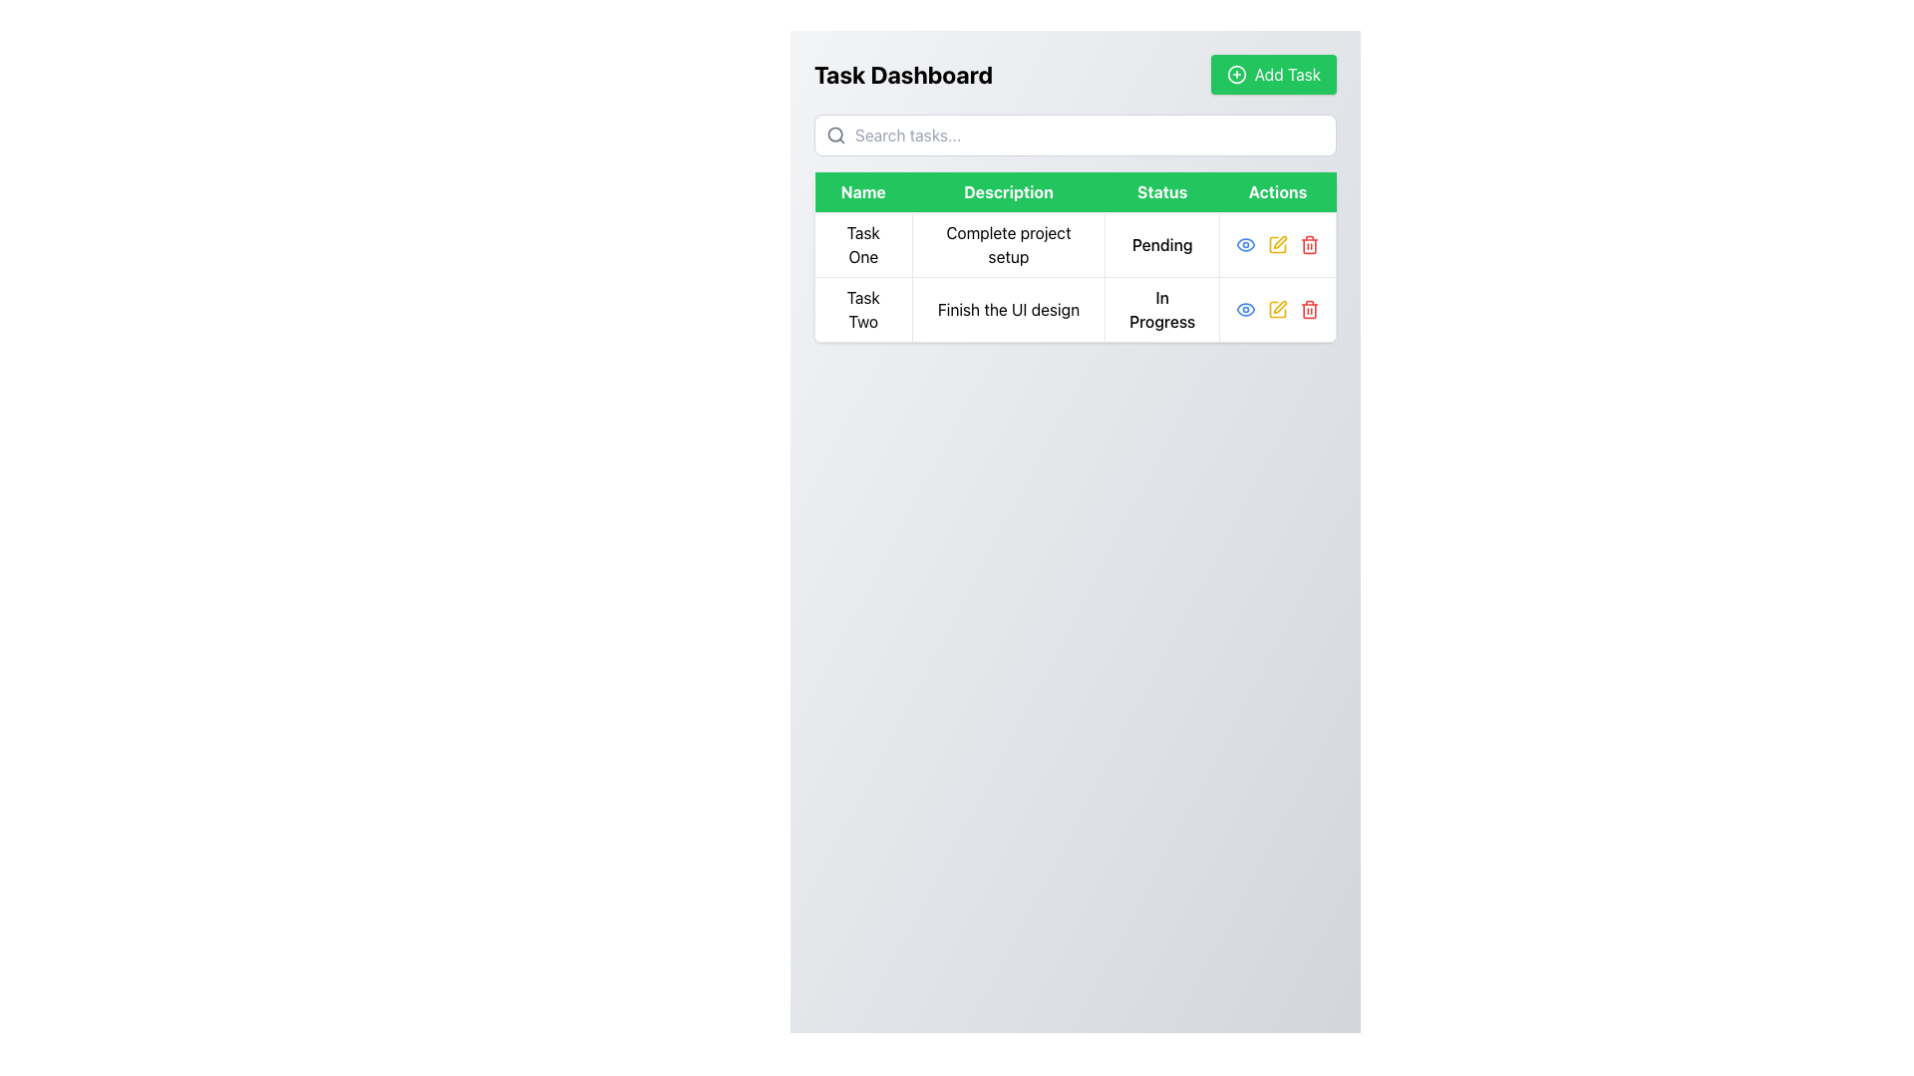  What do you see at coordinates (863, 310) in the screenshot?
I see `the static text label that identifies the task in the second row of the table under the 'Name' column` at bounding box center [863, 310].